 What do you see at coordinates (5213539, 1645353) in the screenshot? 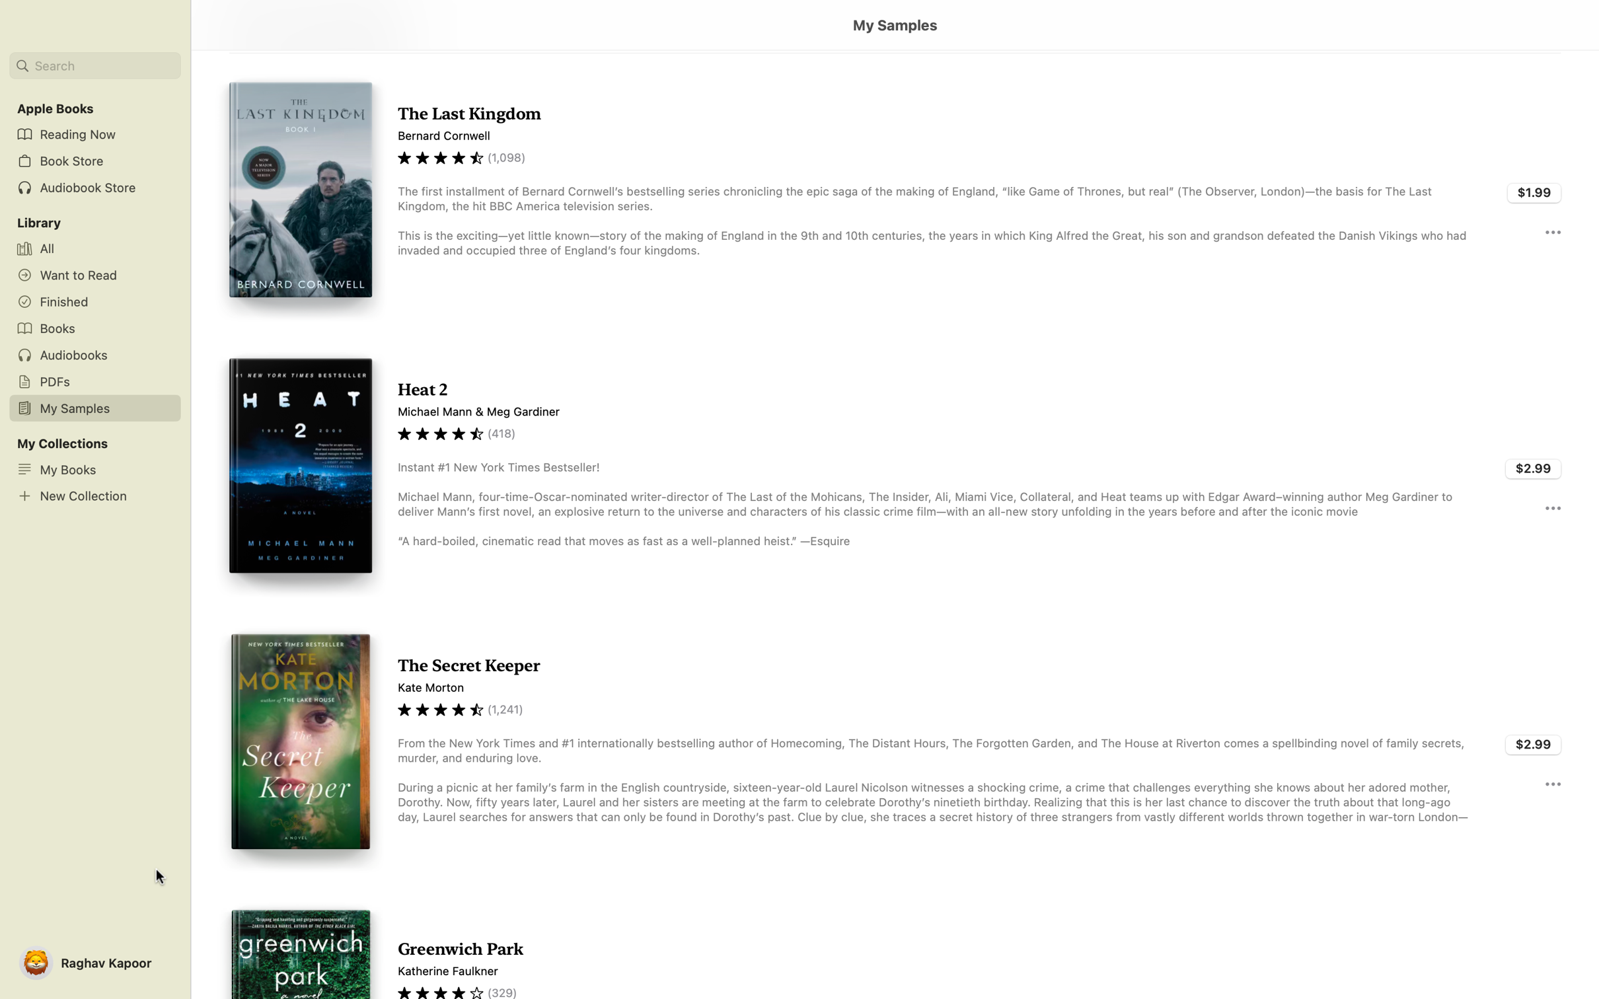
I see `more alternatives for "Secret Keeper` at bounding box center [5213539, 1645353].